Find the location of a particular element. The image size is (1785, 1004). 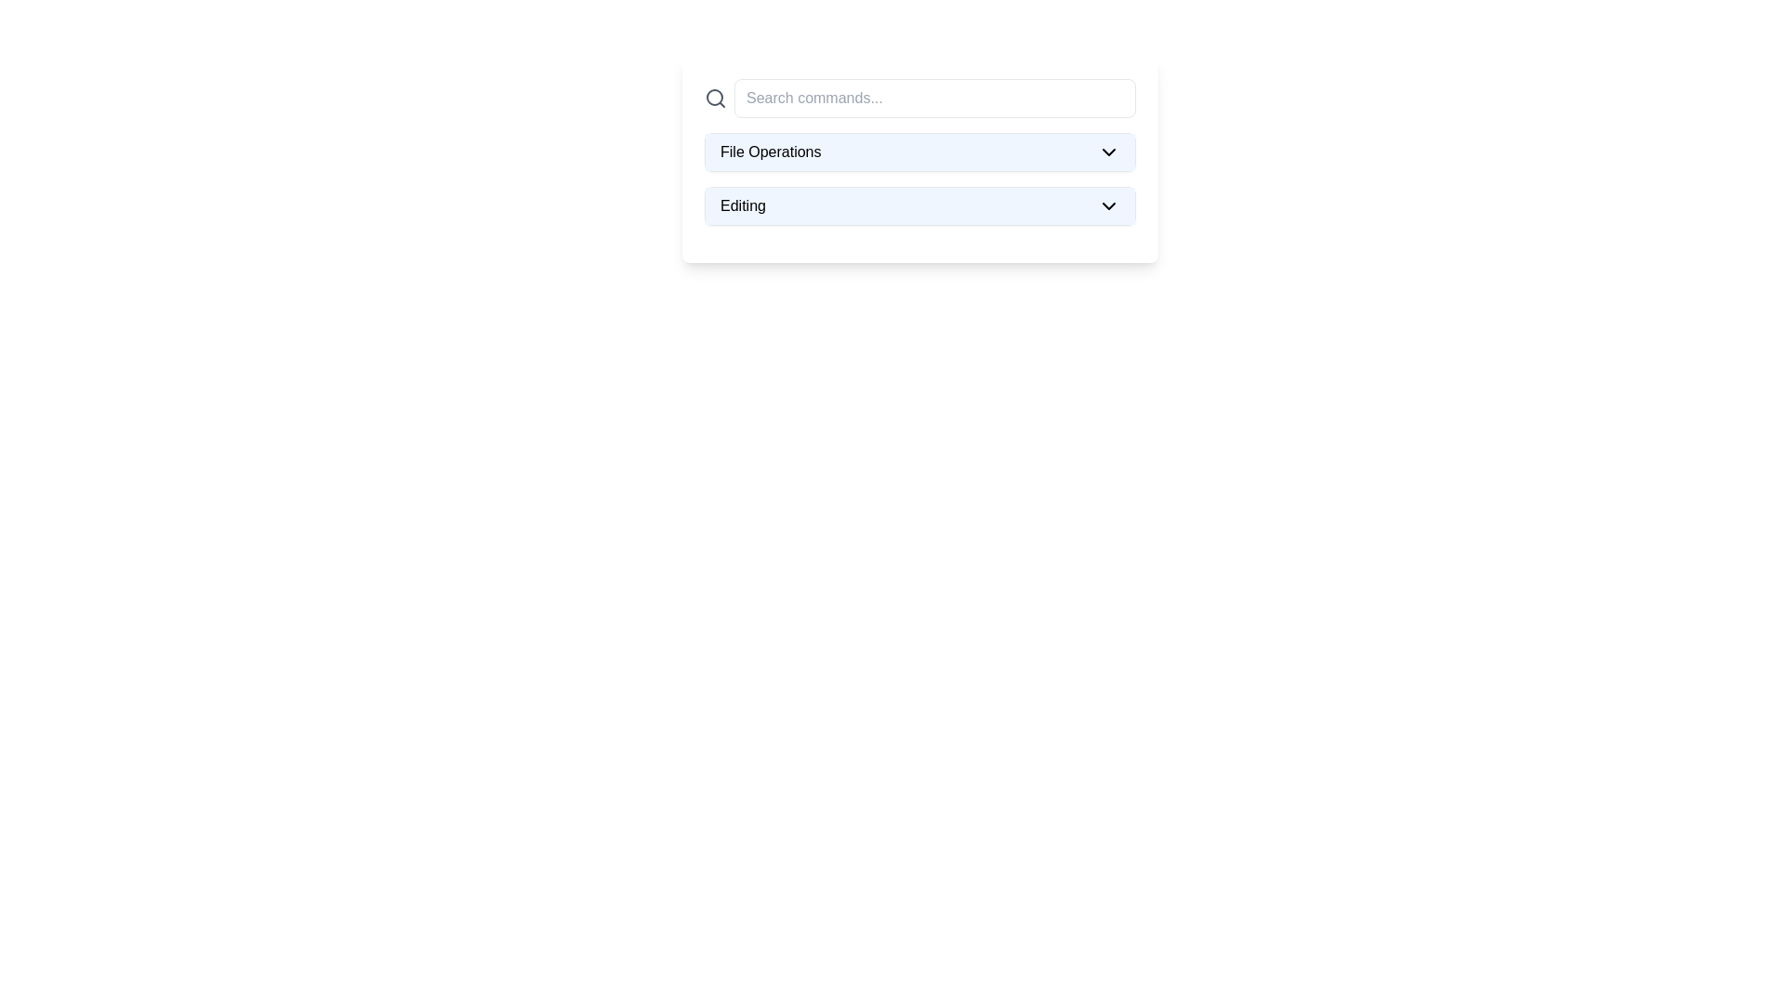

the search icon resembling a magnifying glass, which is positioned on the left end of the horizontal group containing the 'Search commands...' input field is located at coordinates (714, 98).